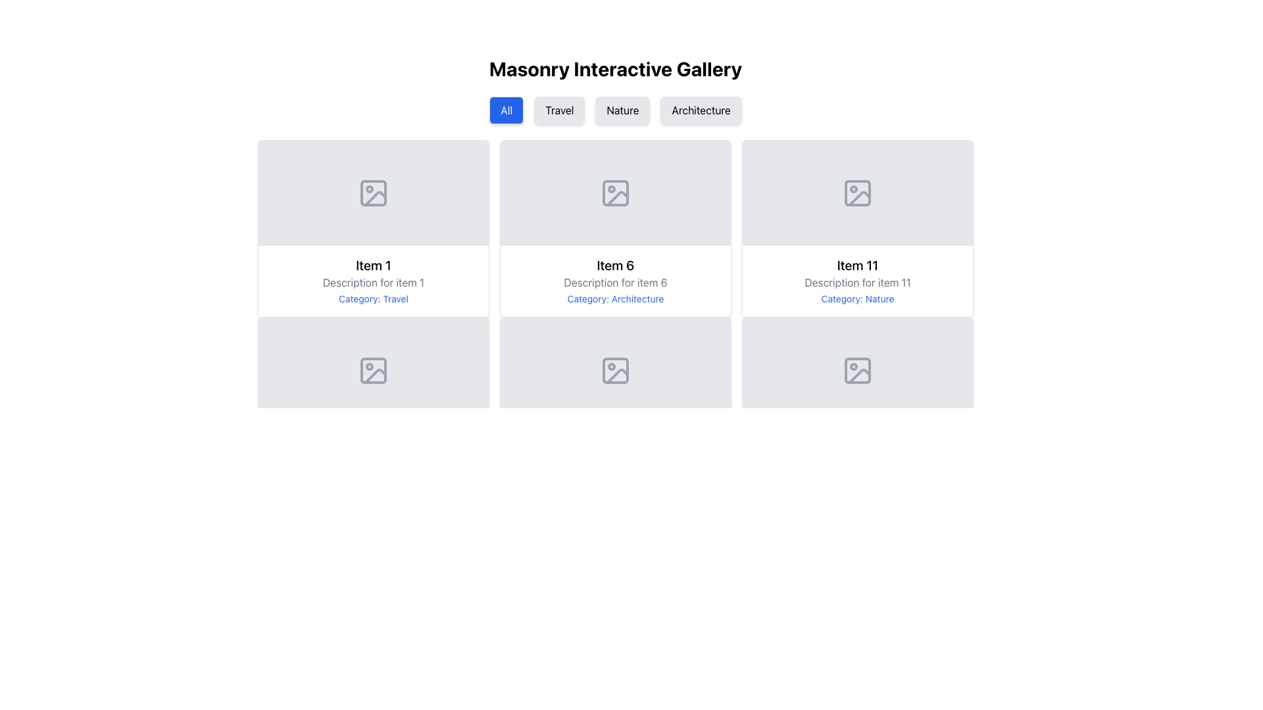 The width and height of the screenshot is (1263, 710). Describe the element at coordinates (372, 193) in the screenshot. I see `the icon` at that location.